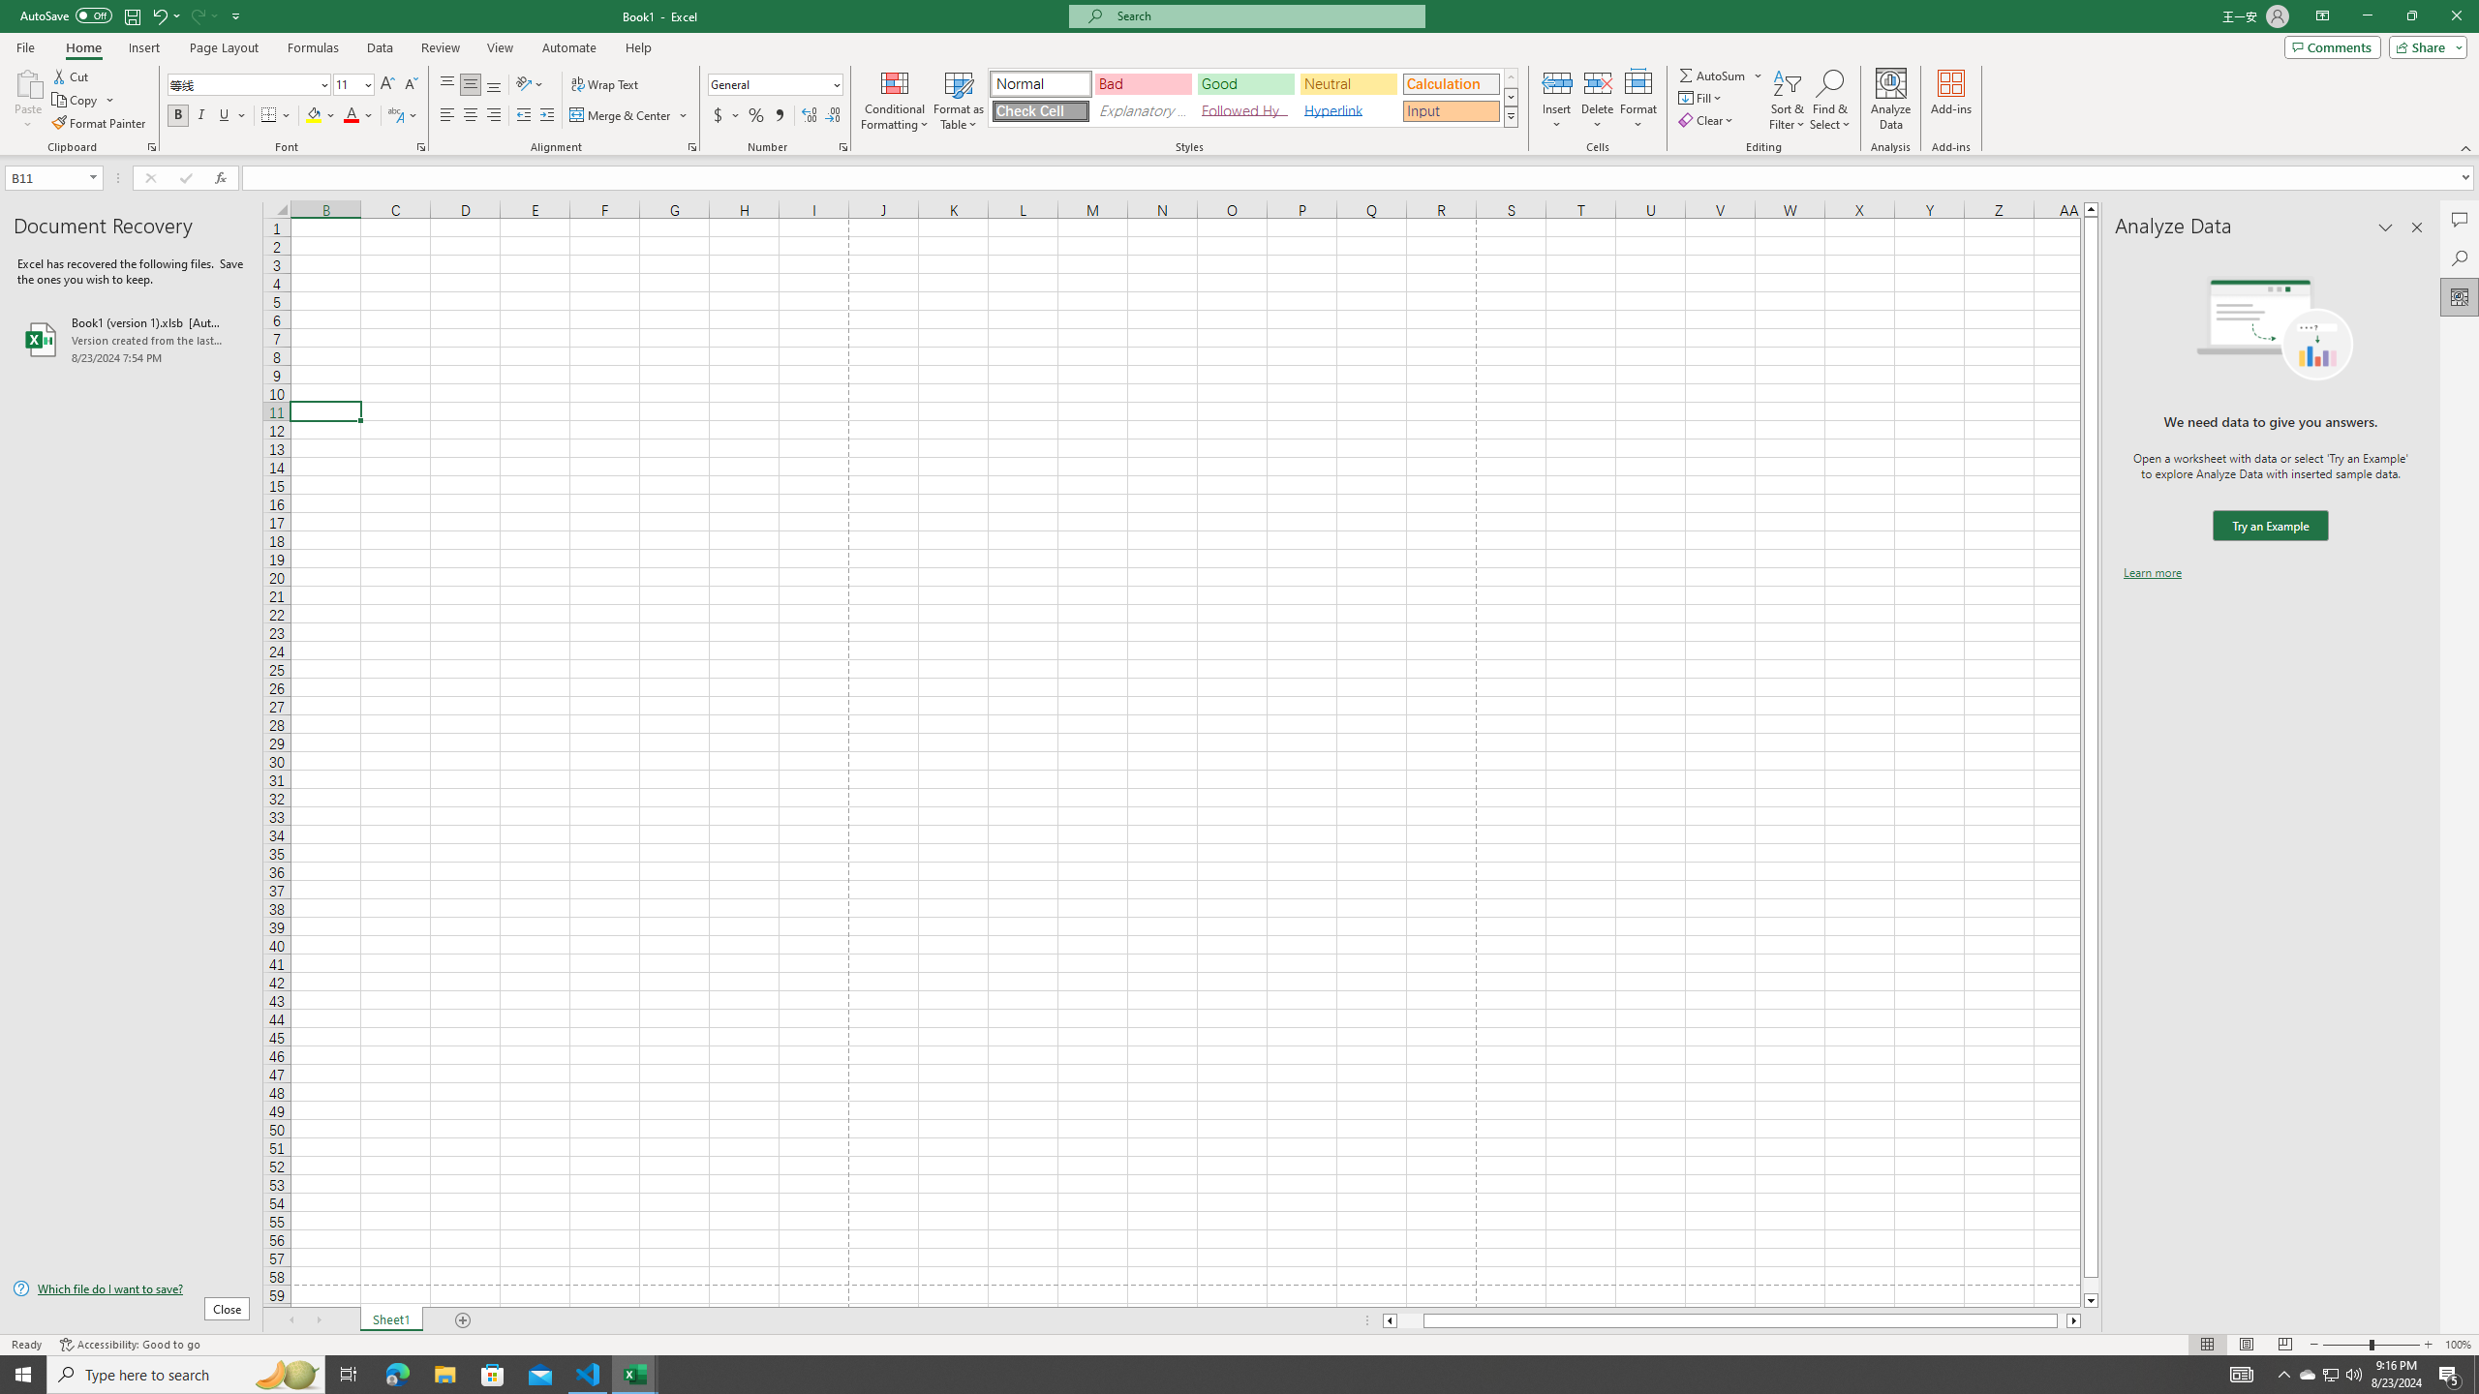 Image resolution: width=2479 pixels, height=1394 pixels. Describe the element at coordinates (779, 114) in the screenshot. I see `'Comma Style'` at that location.